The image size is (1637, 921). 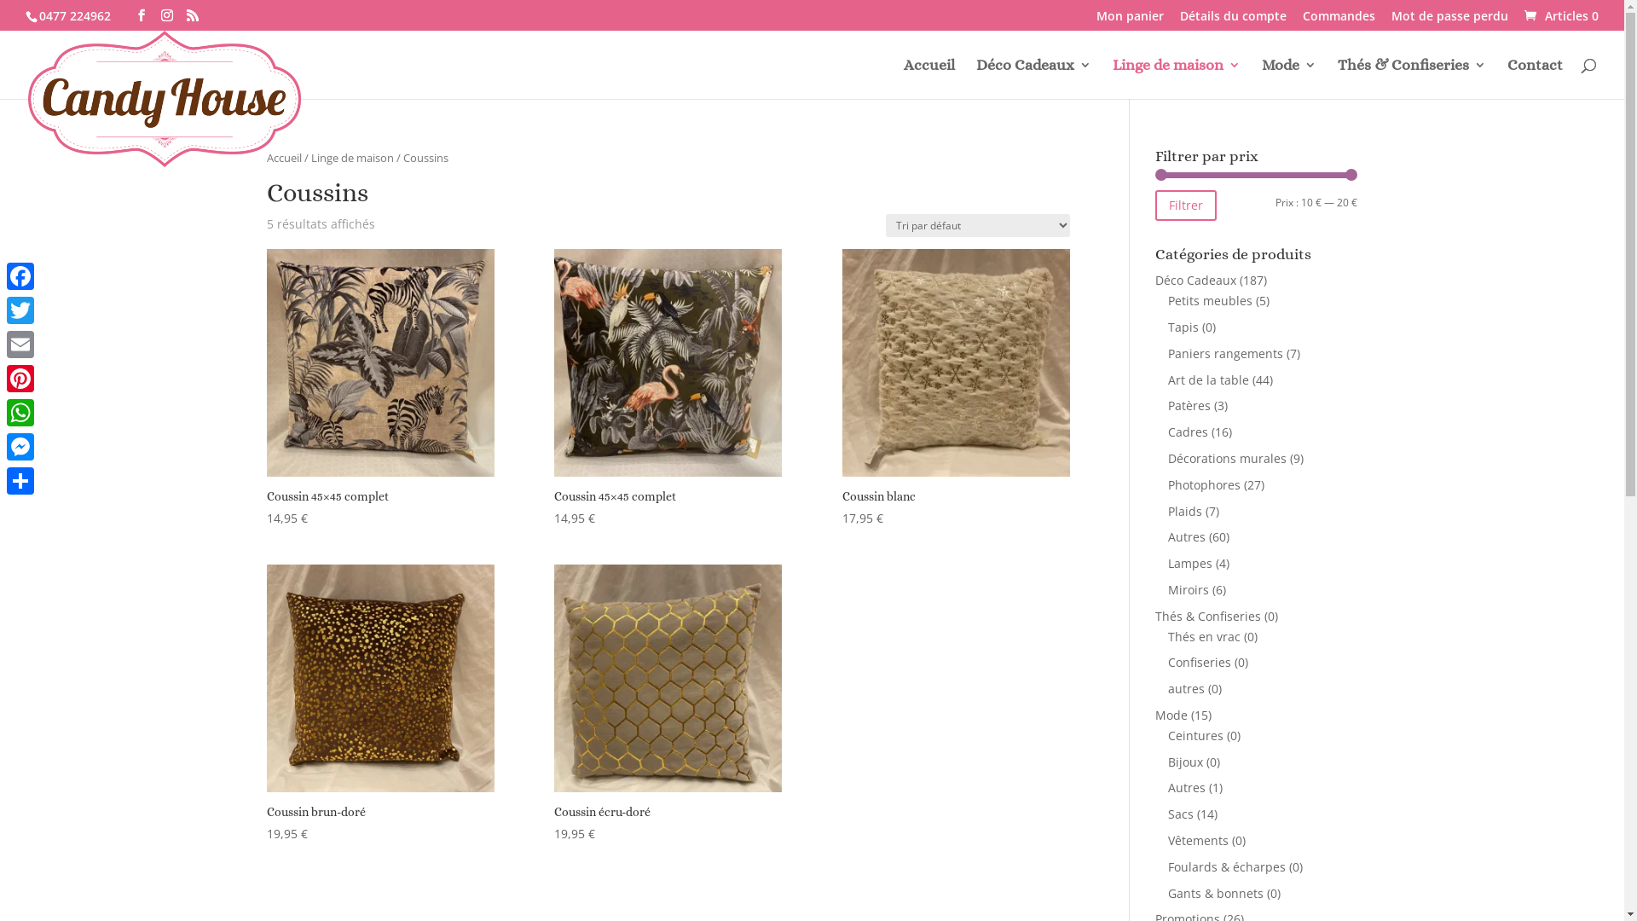 I want to click on 'Accueil', so click(x=283, y=158).